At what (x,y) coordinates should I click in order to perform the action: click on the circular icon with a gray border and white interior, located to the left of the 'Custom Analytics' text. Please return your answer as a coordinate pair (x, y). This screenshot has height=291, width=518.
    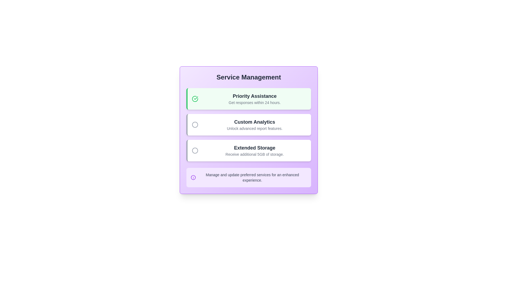
    Looking at the image, I should click on (195, 124).